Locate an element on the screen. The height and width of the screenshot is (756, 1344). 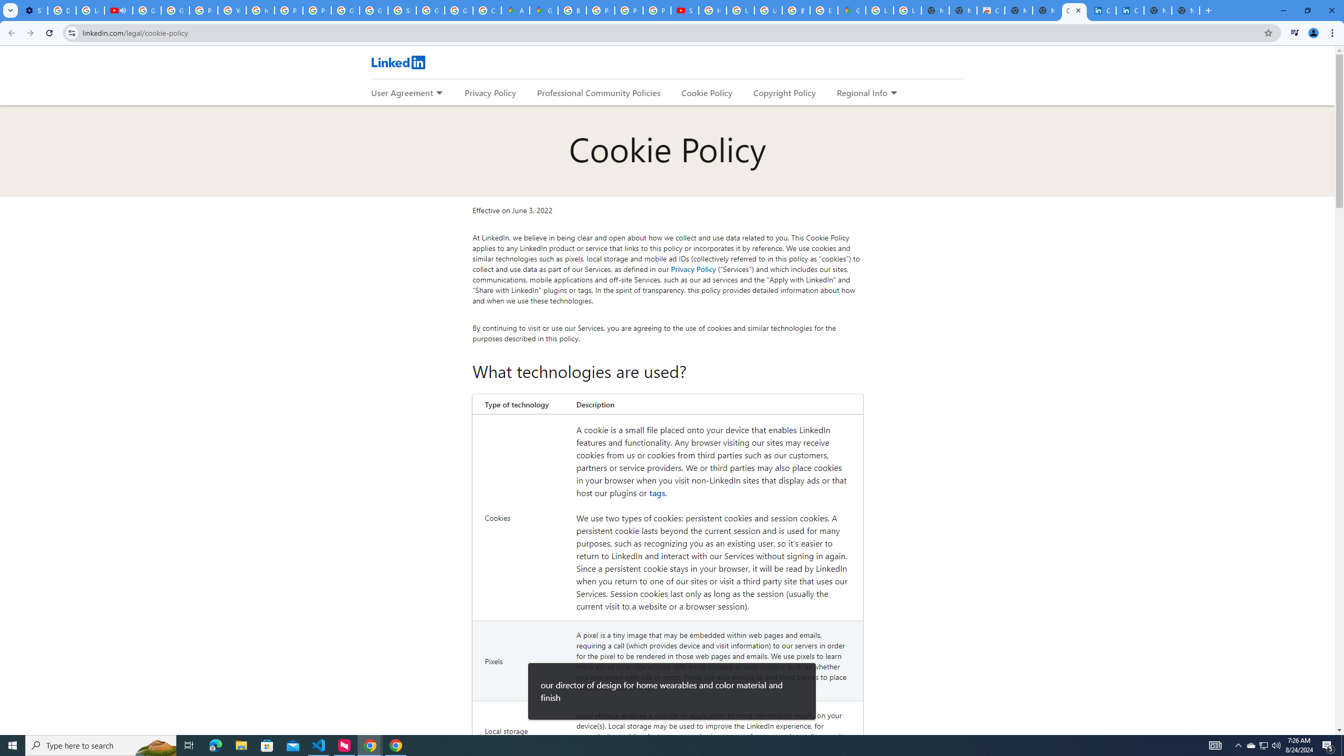
'Expand to show more links for User Agreement' is located at coordinates (438, 93).